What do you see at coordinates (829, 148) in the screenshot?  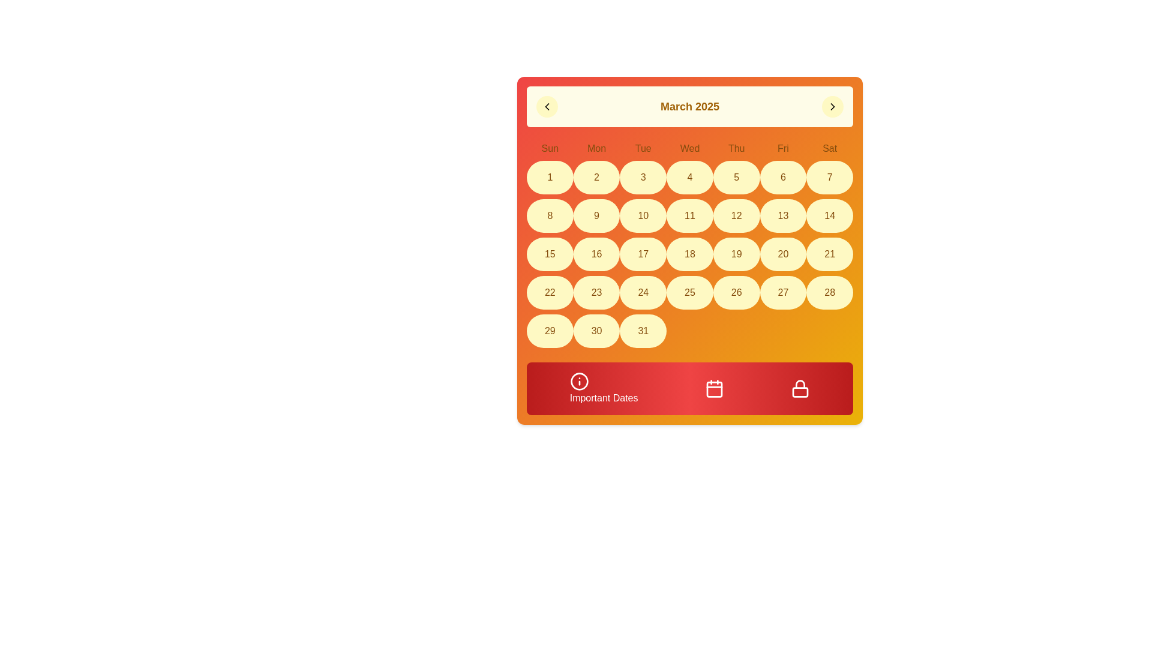 I see `the text label that displays 'Sat', which is the last day label in the row of week day names in the calendar interface` at bounding box center [829, 148].